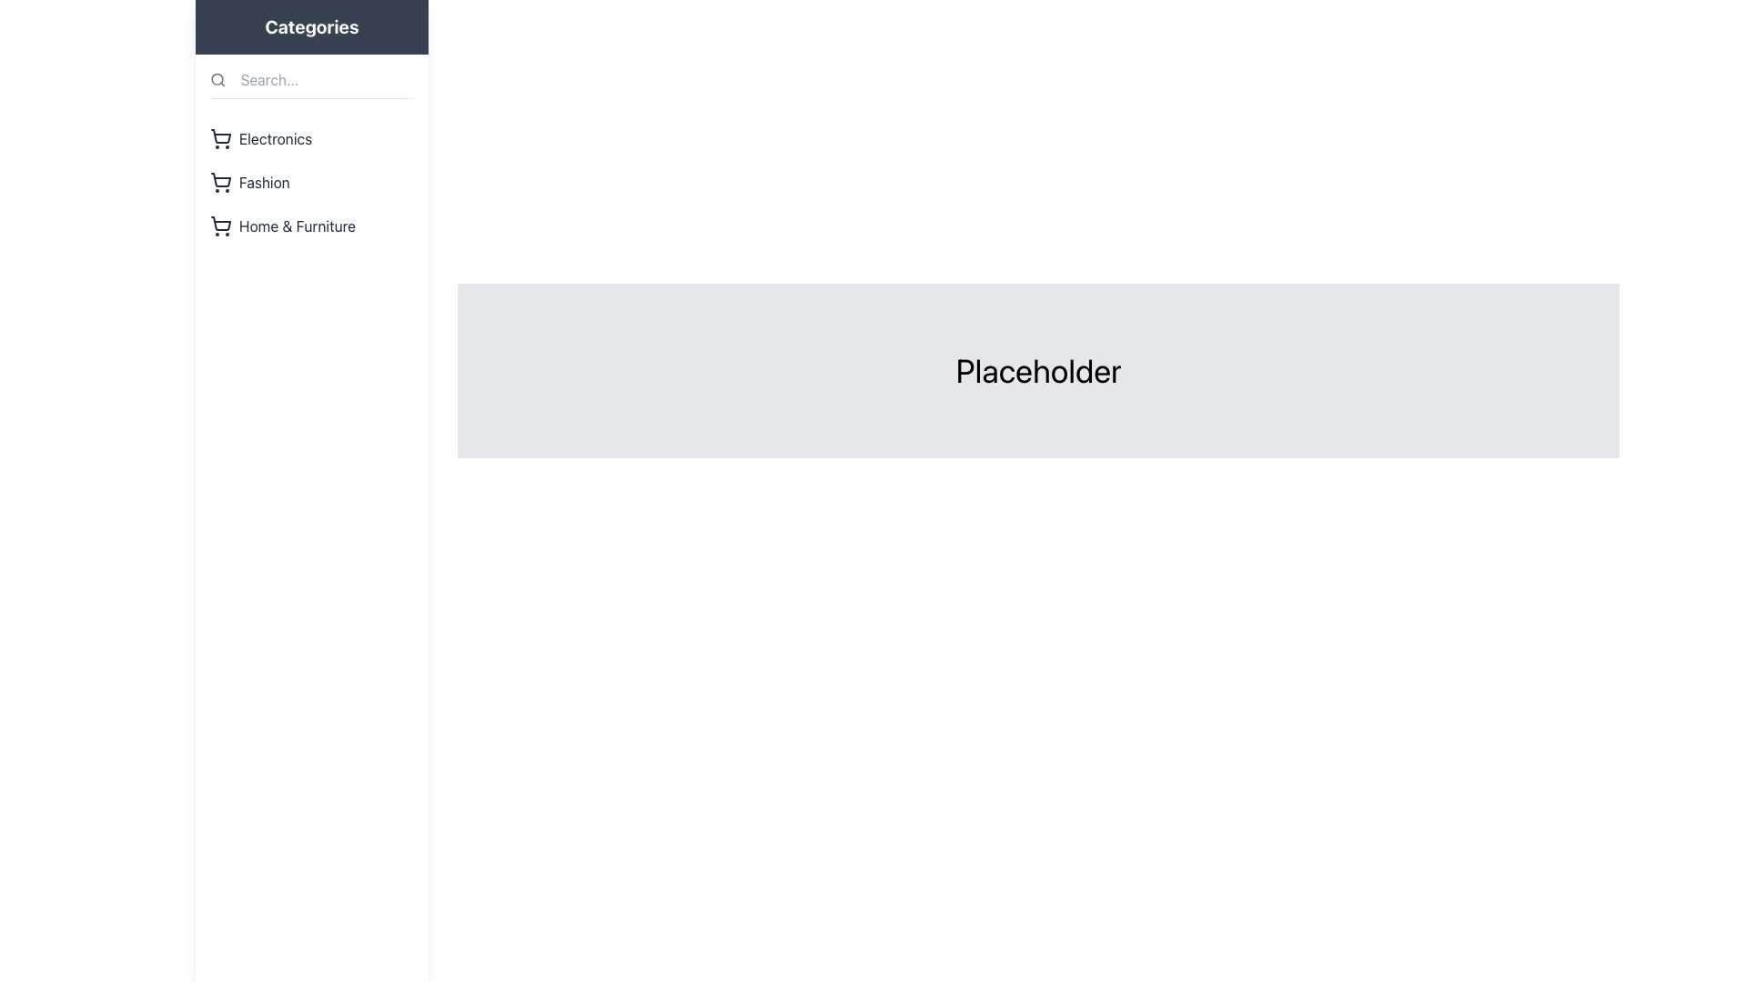 Image resolution: width=1747 pixels, height=982 pixels. Describe the element at coordinates (217, 79) in the screenshot. I see `the search icon located to the left of the 'Search...' text box in the top-left area of the menu to initiate a search` at that location.